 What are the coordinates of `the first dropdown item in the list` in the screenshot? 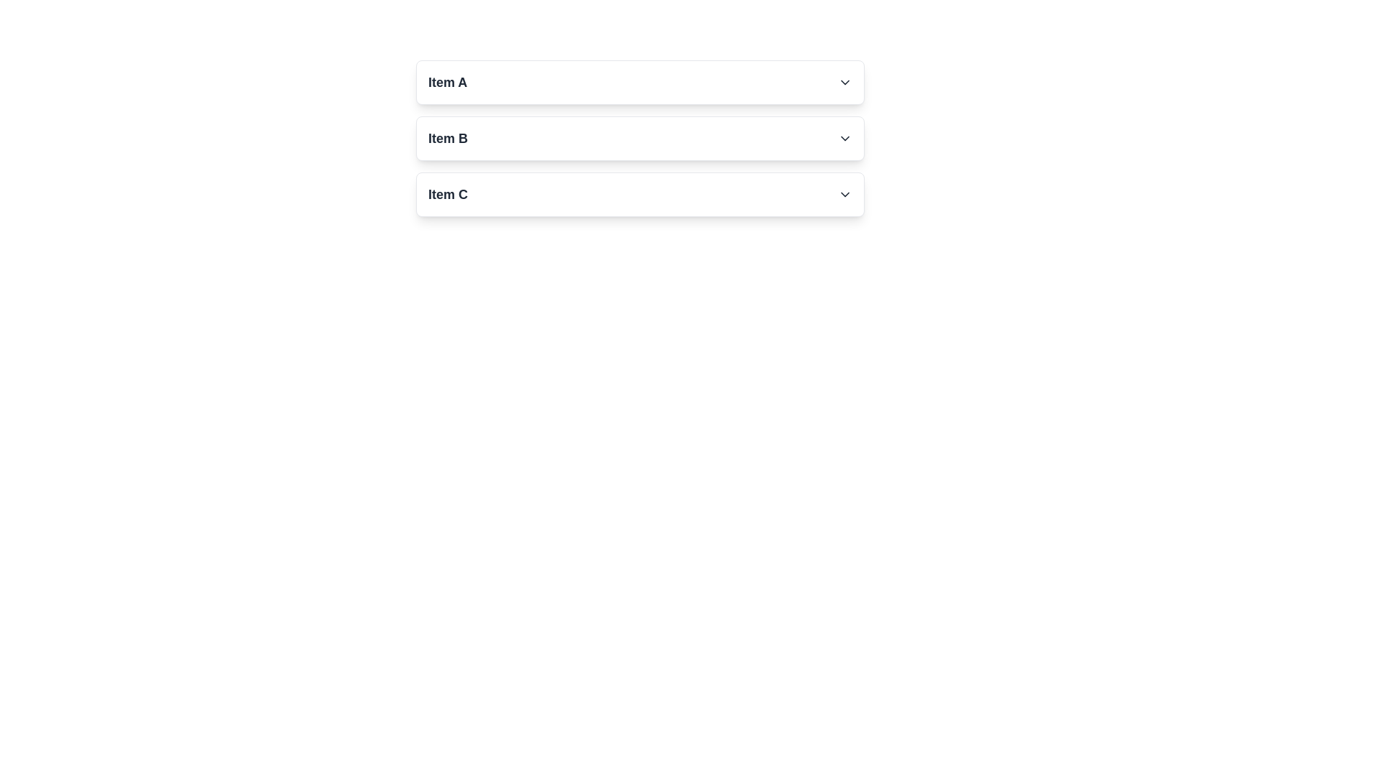 It's located at (640, 83).